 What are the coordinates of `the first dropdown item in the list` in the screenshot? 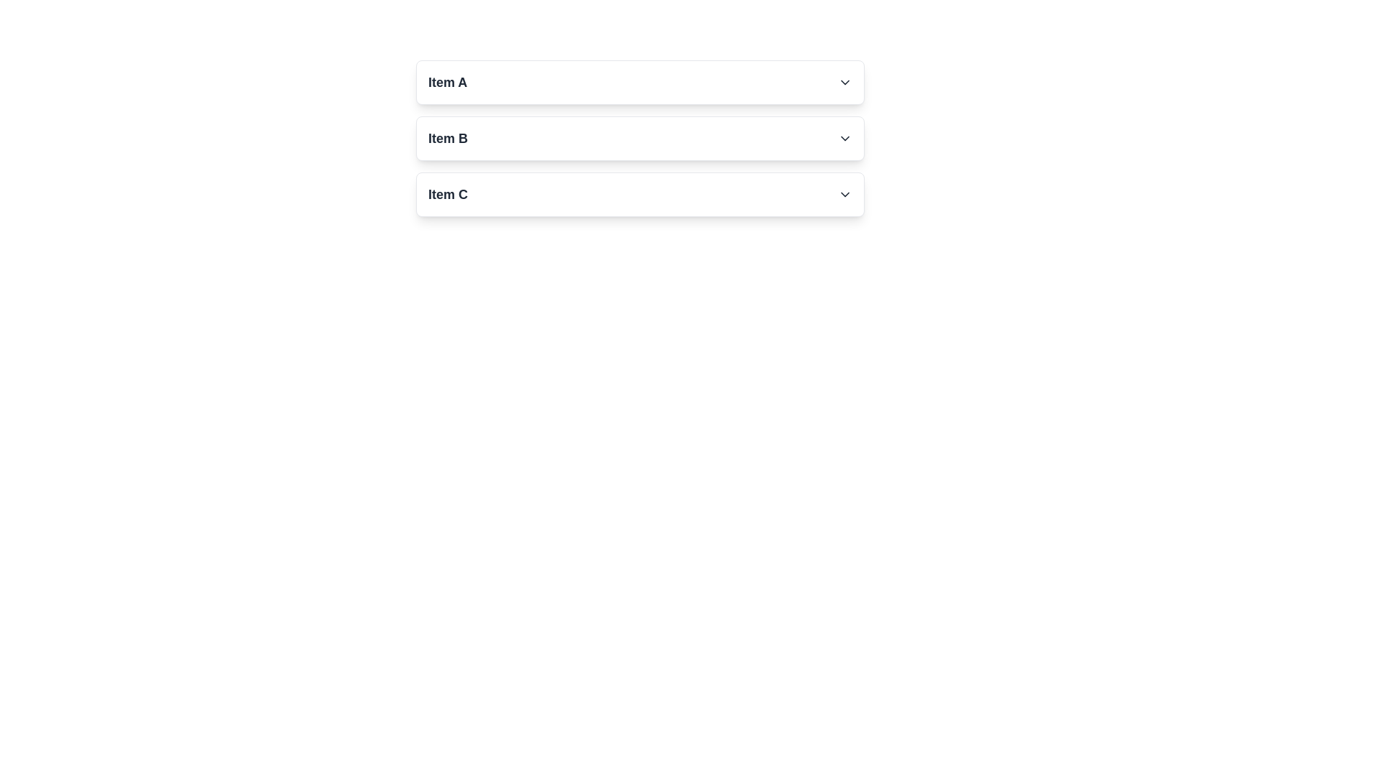 It's located at (640, 83).